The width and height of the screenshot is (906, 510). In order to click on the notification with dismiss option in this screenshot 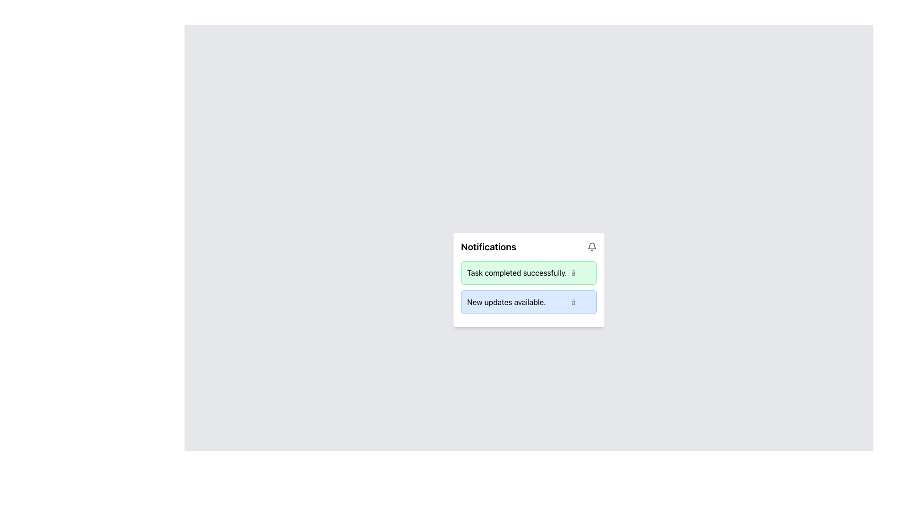, I will do `click(529, 302)`.